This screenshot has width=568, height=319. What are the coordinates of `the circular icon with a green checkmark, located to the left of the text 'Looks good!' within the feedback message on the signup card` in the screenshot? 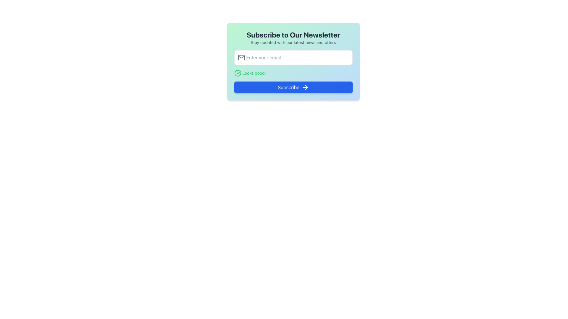 It's located at (238, 73).